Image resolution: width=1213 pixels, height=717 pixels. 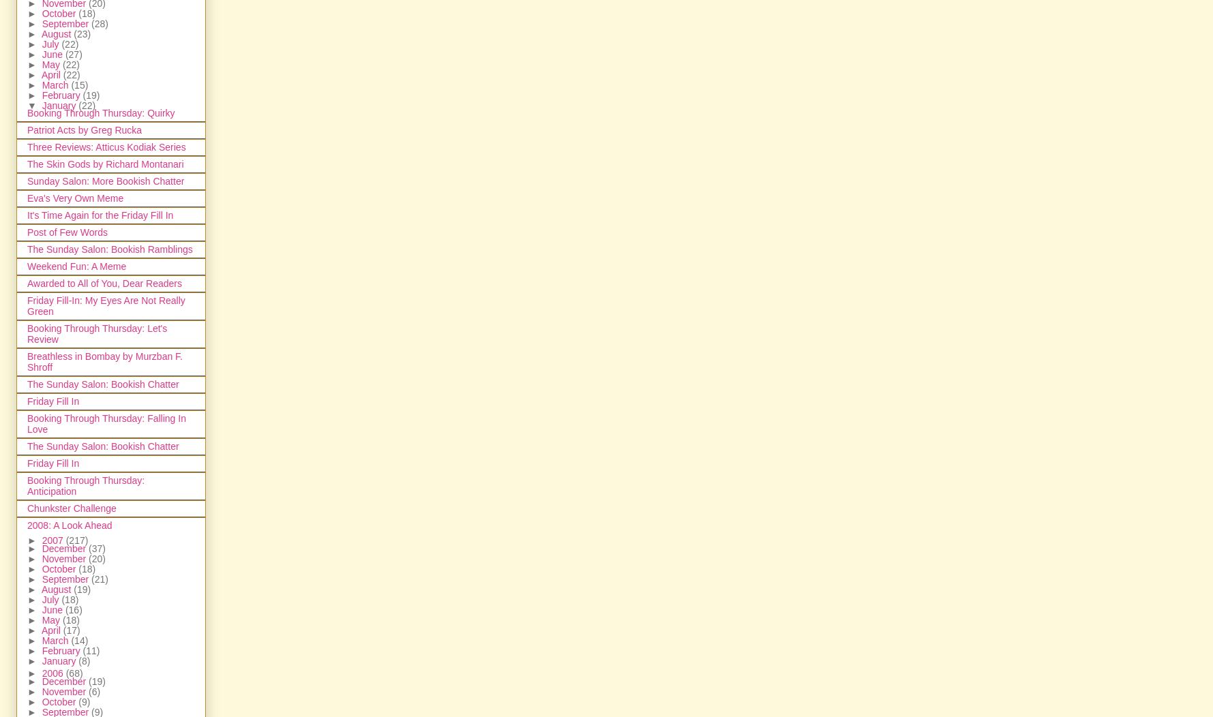 I want to click on 'The Sunday Salon: Bookish Chatter', so click(x=103, y=446).